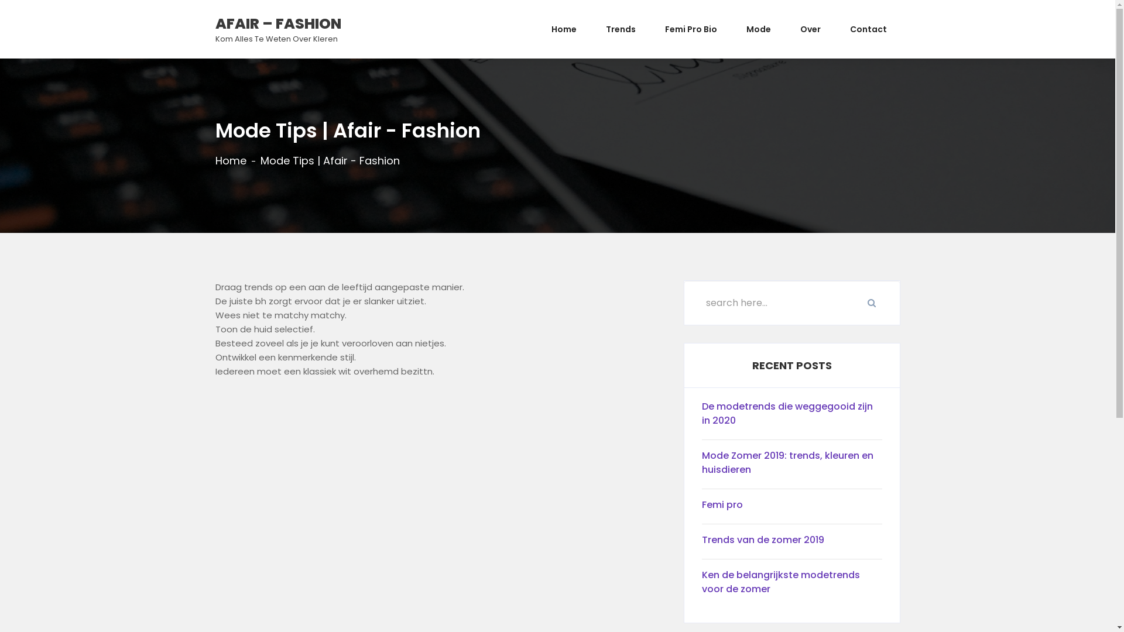 The height and width of the screenshot is (632, 1124). What do you see at coordinates (810, 29) in the screenshot?
I see `'Over'` at bounding box center [810, 29].